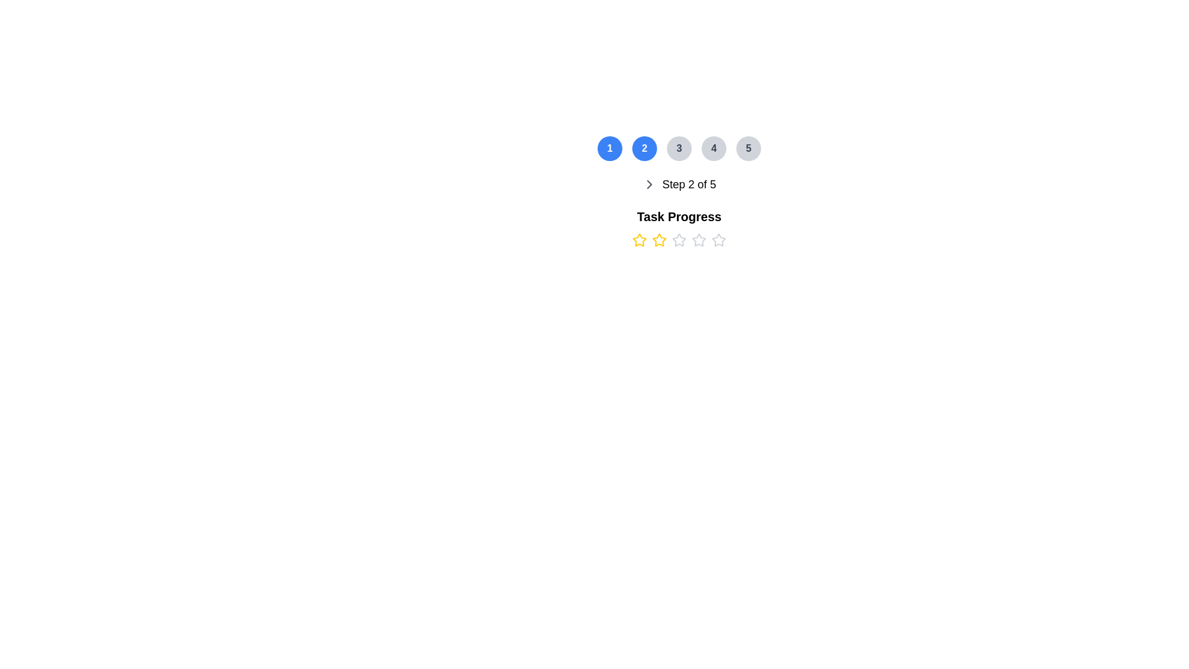 The image size is (1189, 669). I want to click on the third star icon in the rating system under the 'Task Progress' label to assign a rating, so click(699, 239).